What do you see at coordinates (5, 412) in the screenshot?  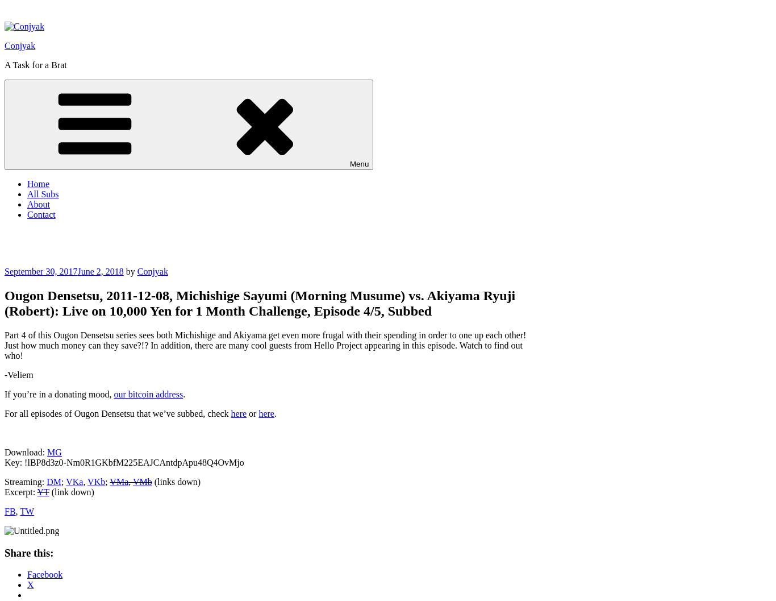 I see `'For all episodes of Ougon Densetsu that we’ve subbed, check'` at bounding box center [5, 412].